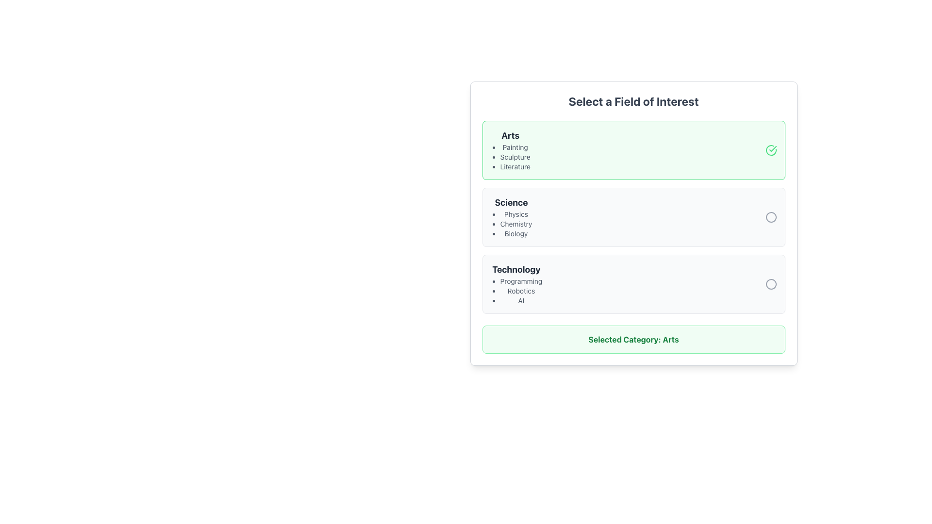 Image resolution: width=932 pixels, height=524 pixels. Describe the element at coordinates (516, 234) in the screenshot. I see `the static text label reading 'Biology' which is the last item in the bulleted list under the 'Science' category` at that location.